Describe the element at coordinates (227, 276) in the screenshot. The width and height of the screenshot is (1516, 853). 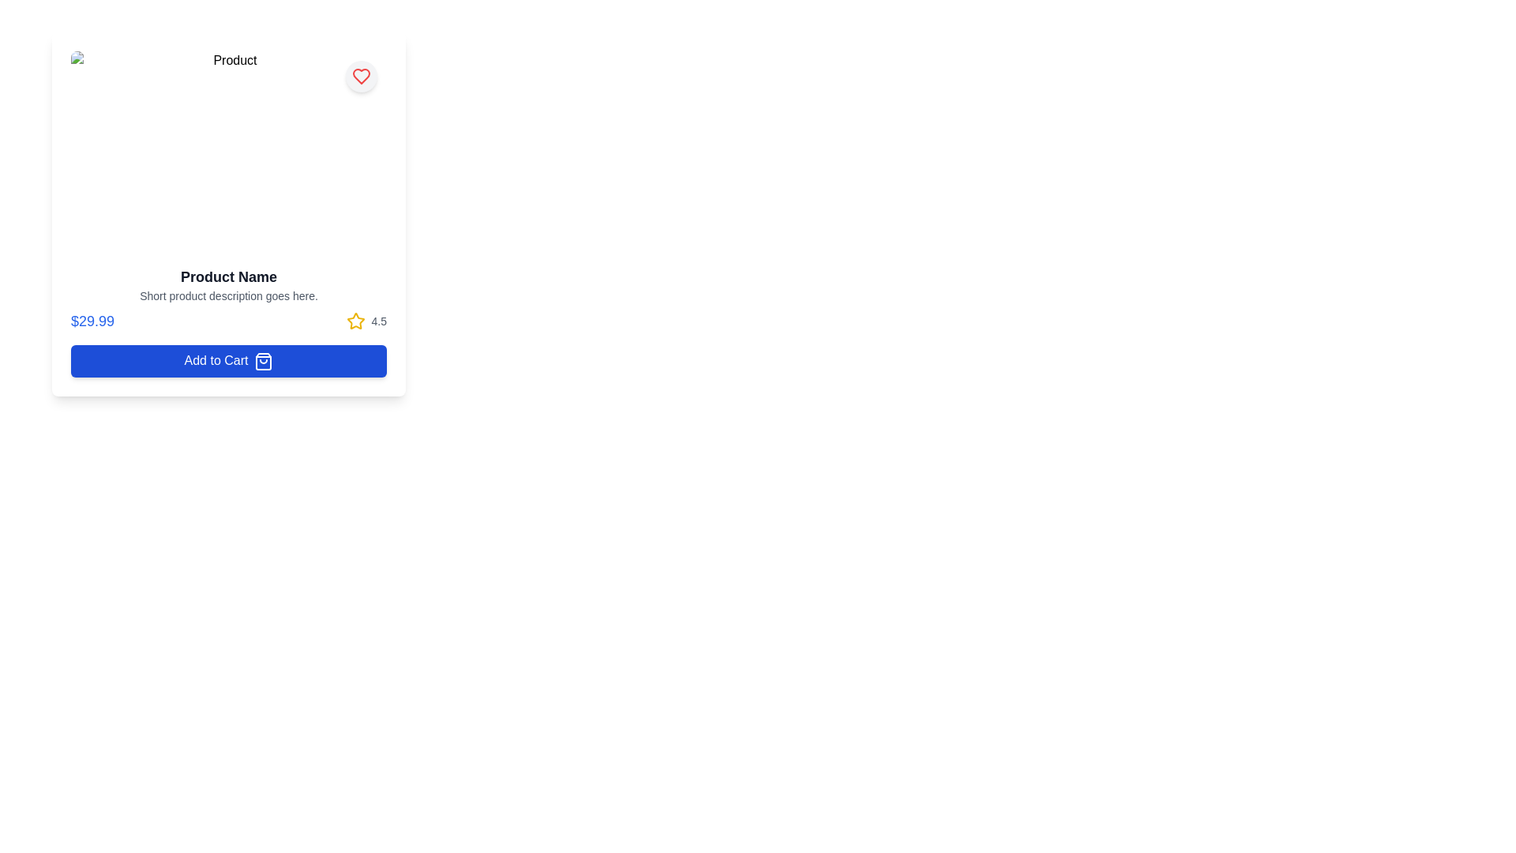
I see `text from the Text Block that serves as a title or identifier for the product displayed in the card, which is positioned above the description text and below the product image` at that location.